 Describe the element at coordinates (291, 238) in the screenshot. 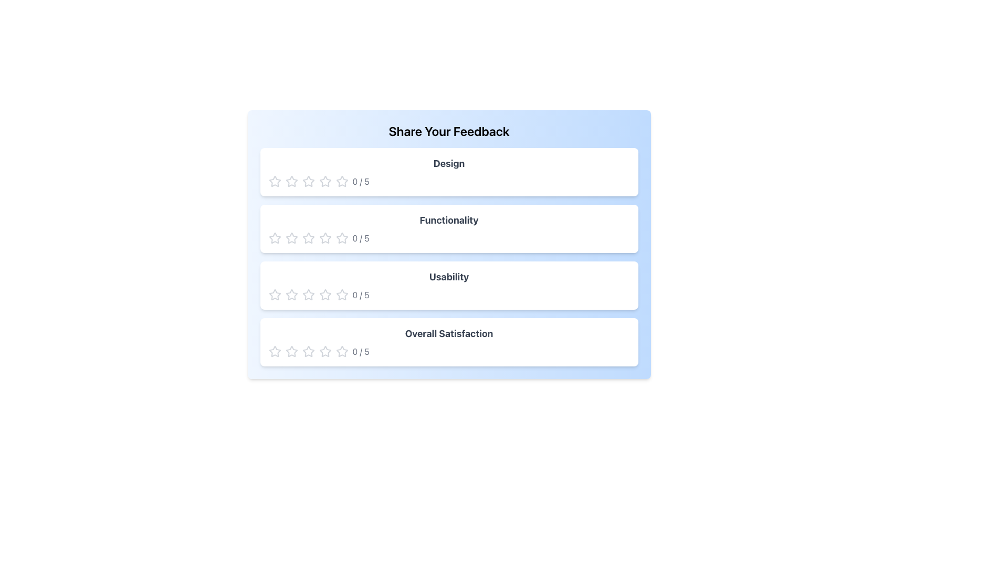

I see `the second star in the 'Functionality' section` at that location.